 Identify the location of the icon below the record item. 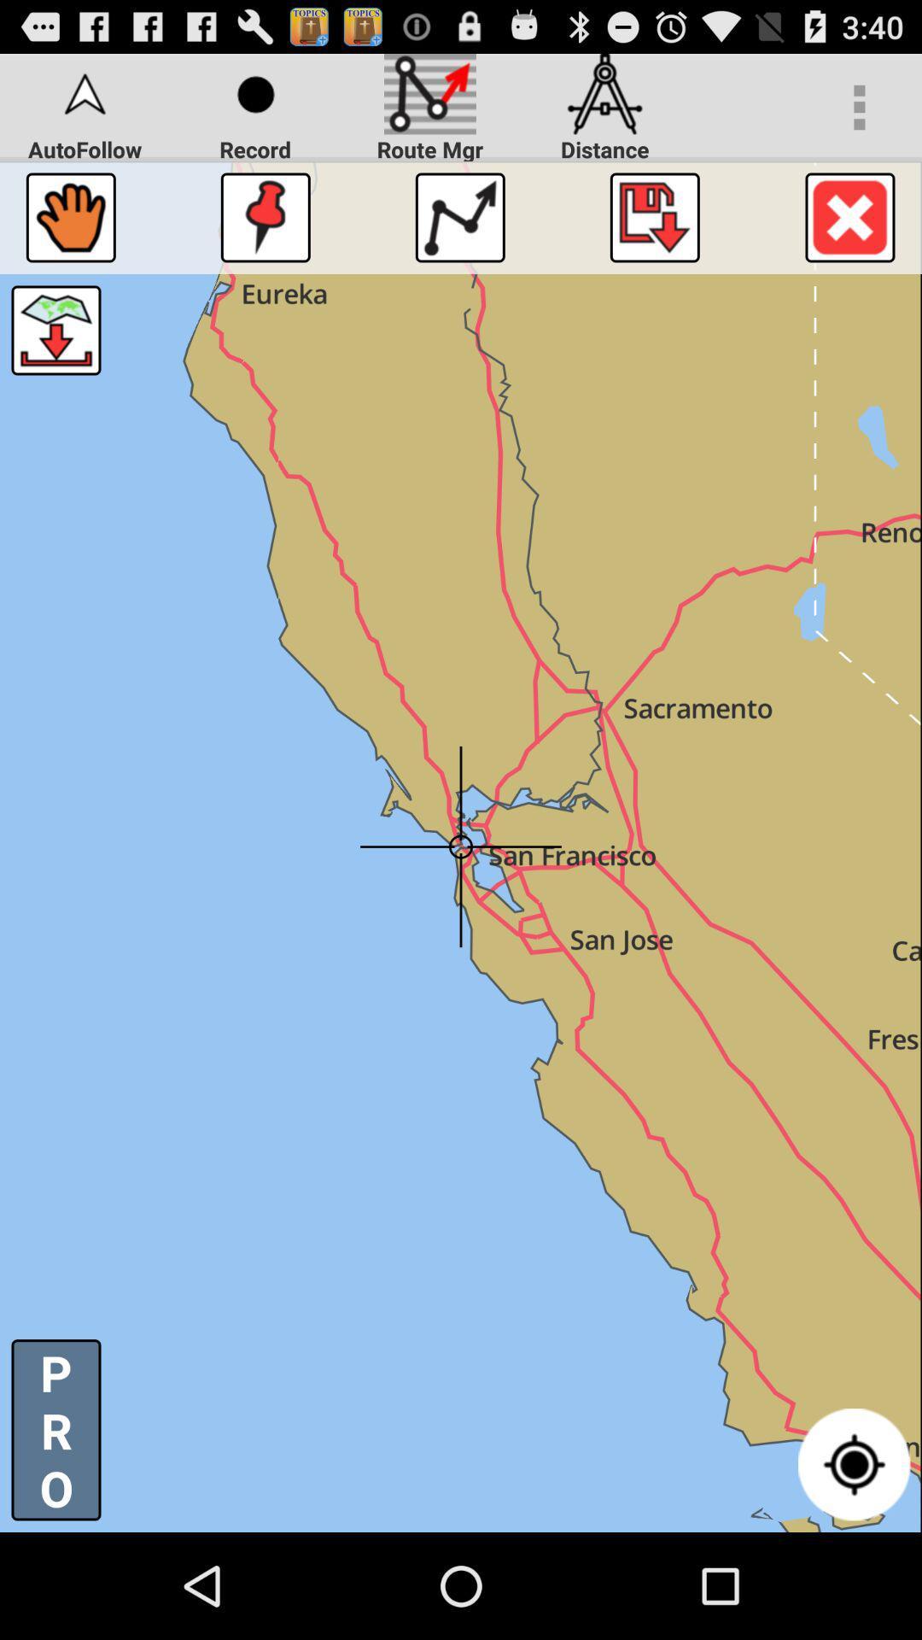
(266, 216).